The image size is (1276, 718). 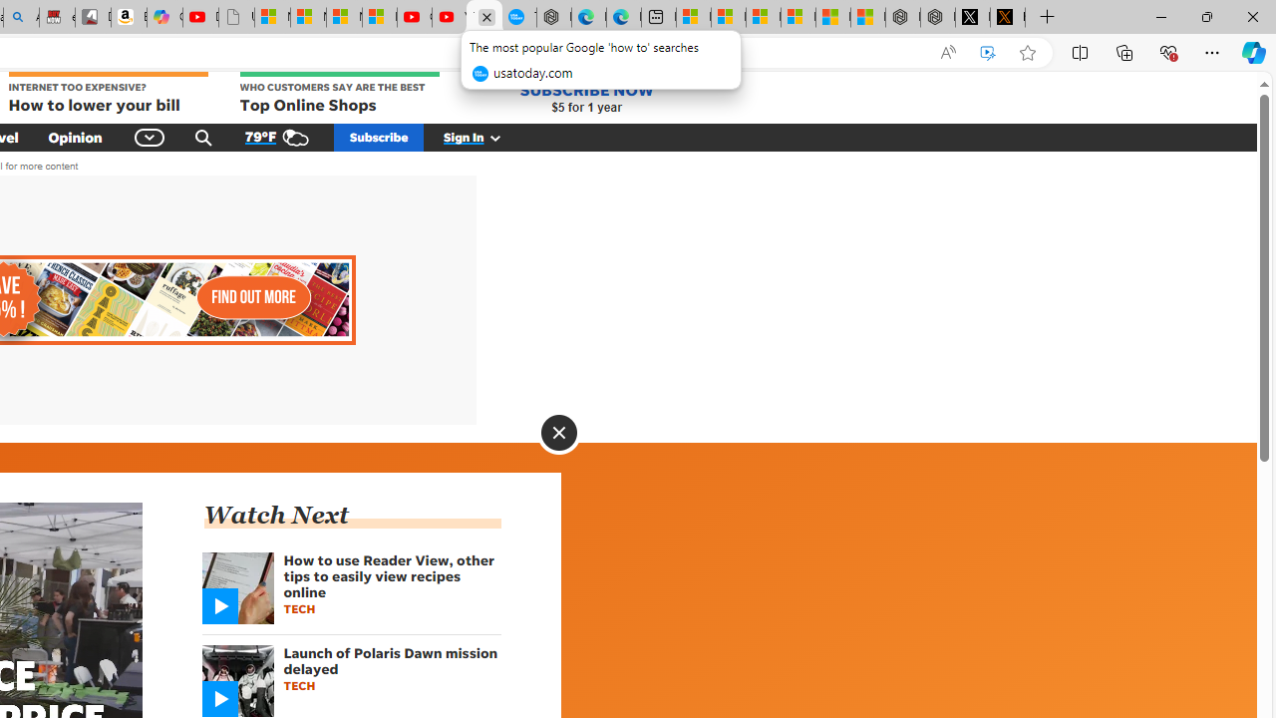 I want to click on 'Class: gnt_n_us_a_svg', so click(x=491, y=136).